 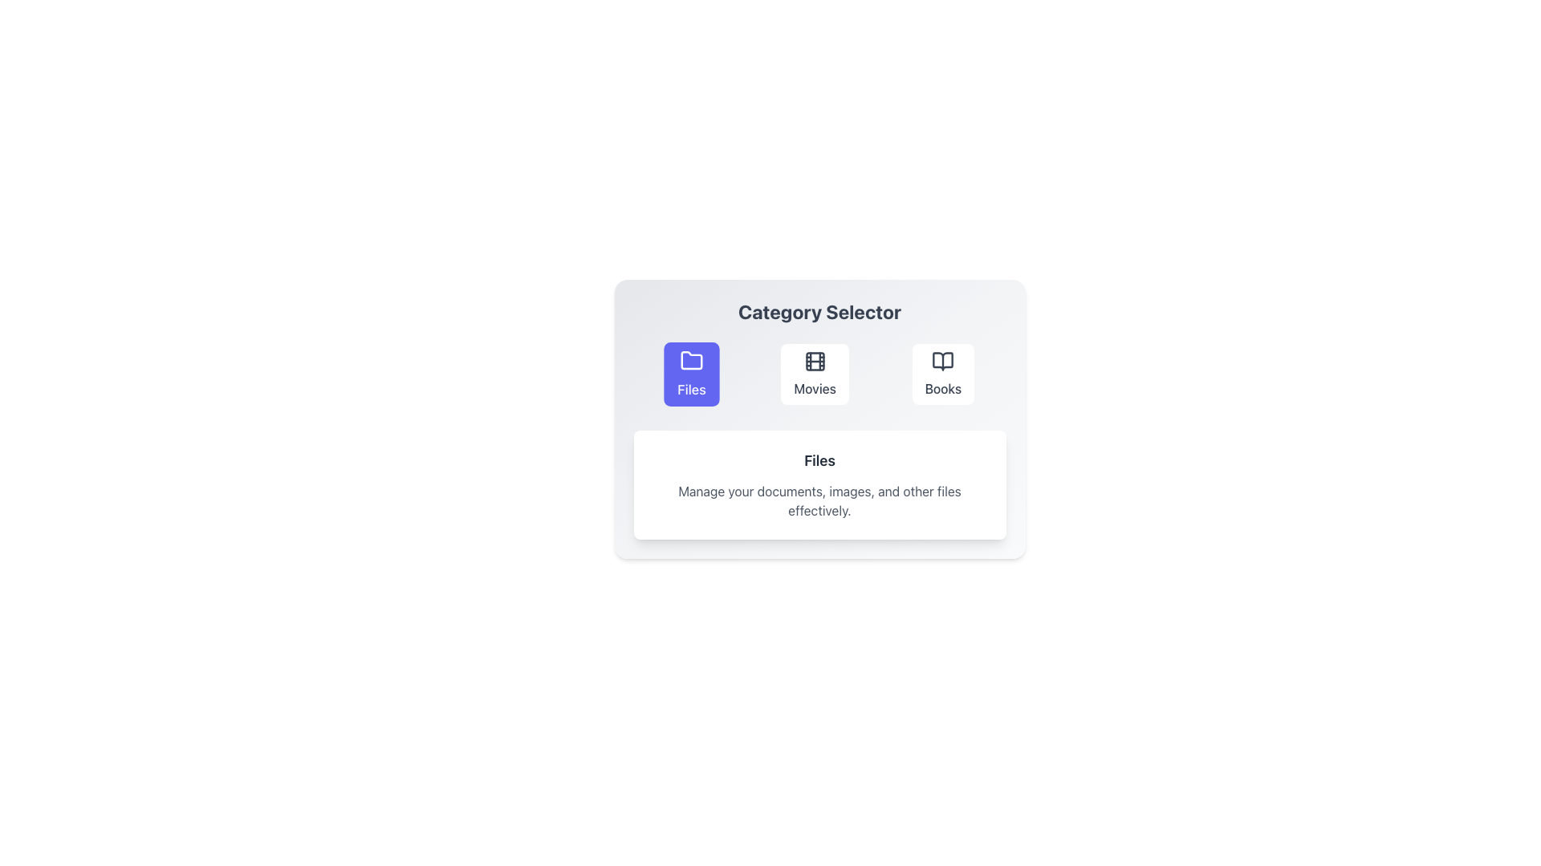 What do you see at coordinates (943, 374) in the screenshot?
I see `the 'Books' category button, which has a white background and an open book icon, to change its background color to light grey` at bounding box center [943, 374].